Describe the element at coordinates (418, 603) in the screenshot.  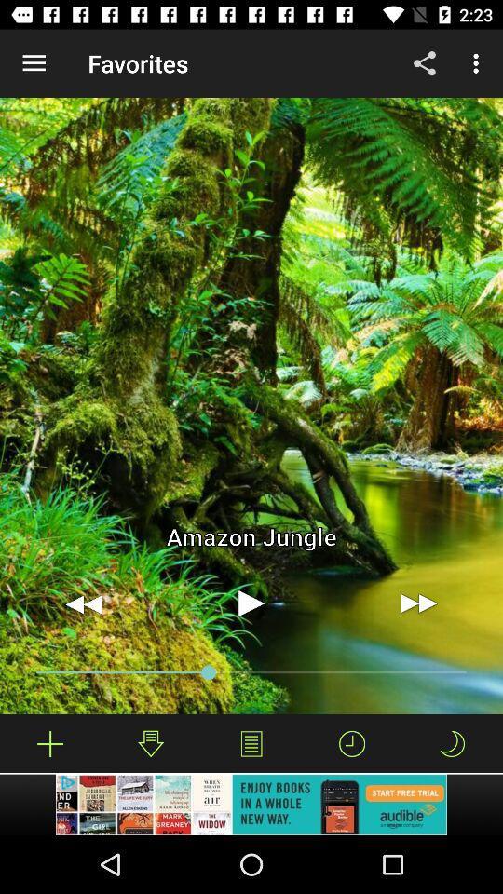
I see `move forward` at that location.